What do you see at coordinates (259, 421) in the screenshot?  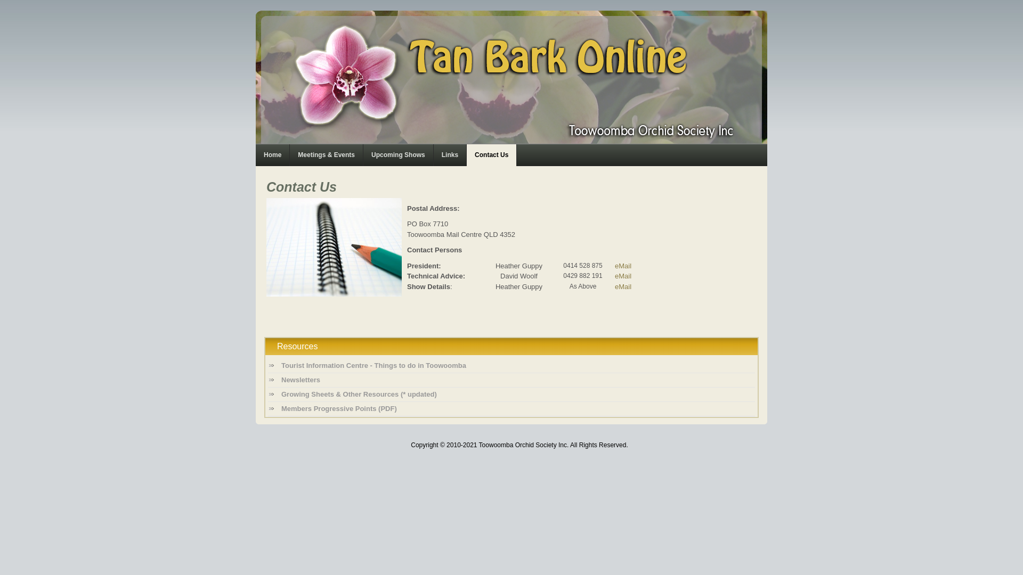 I see `'everest poker bonus'` at bounding box center [259, 421].